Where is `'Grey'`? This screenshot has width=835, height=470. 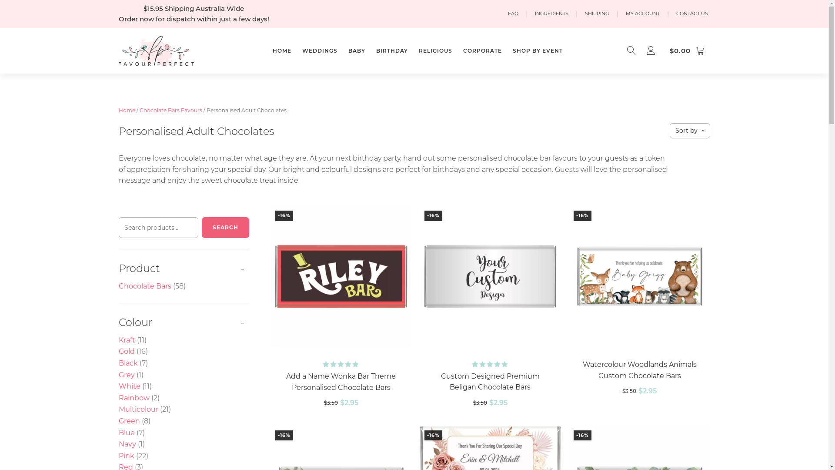
'Grey' is located at coordinates (126, 374).